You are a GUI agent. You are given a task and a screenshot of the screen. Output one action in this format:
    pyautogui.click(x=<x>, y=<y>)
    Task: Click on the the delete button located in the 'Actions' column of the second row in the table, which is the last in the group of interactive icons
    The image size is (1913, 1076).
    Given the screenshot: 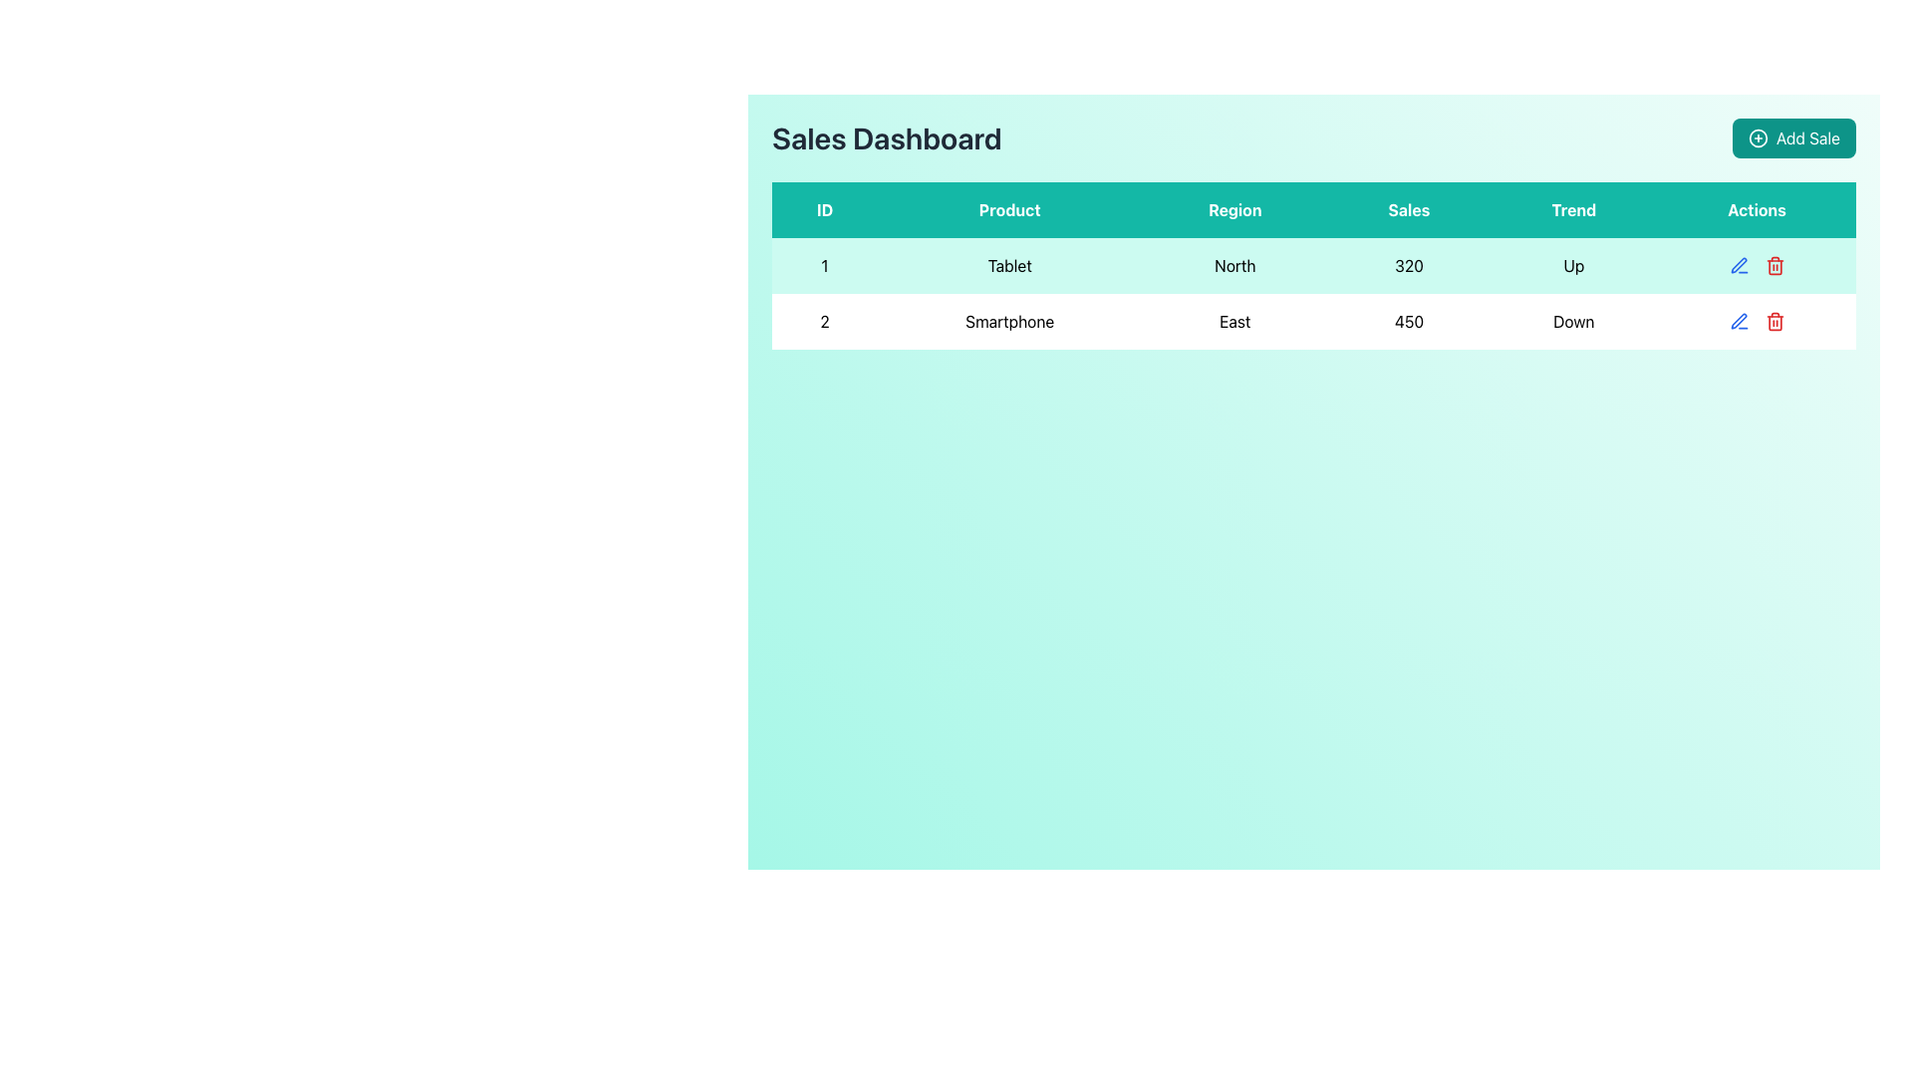 What is the action you would take?
    pyautogui.click(x=1775, y=264)
    